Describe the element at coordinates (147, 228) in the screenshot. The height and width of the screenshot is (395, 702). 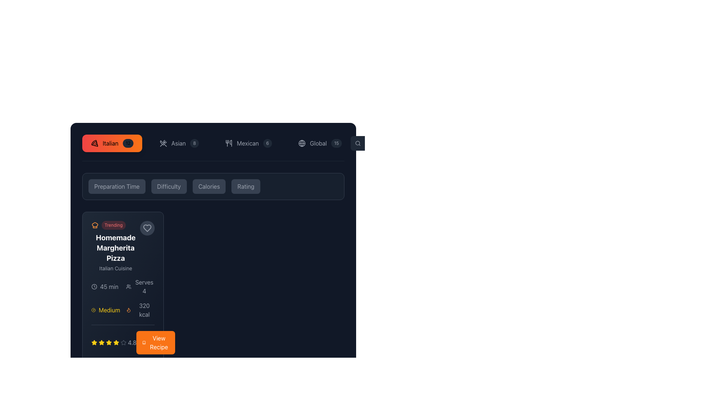
I see `the heart-shaped icon in the top-right corner of the 'Homemade Margherita Pizza' card to mark it as liked or favorited` at that location.